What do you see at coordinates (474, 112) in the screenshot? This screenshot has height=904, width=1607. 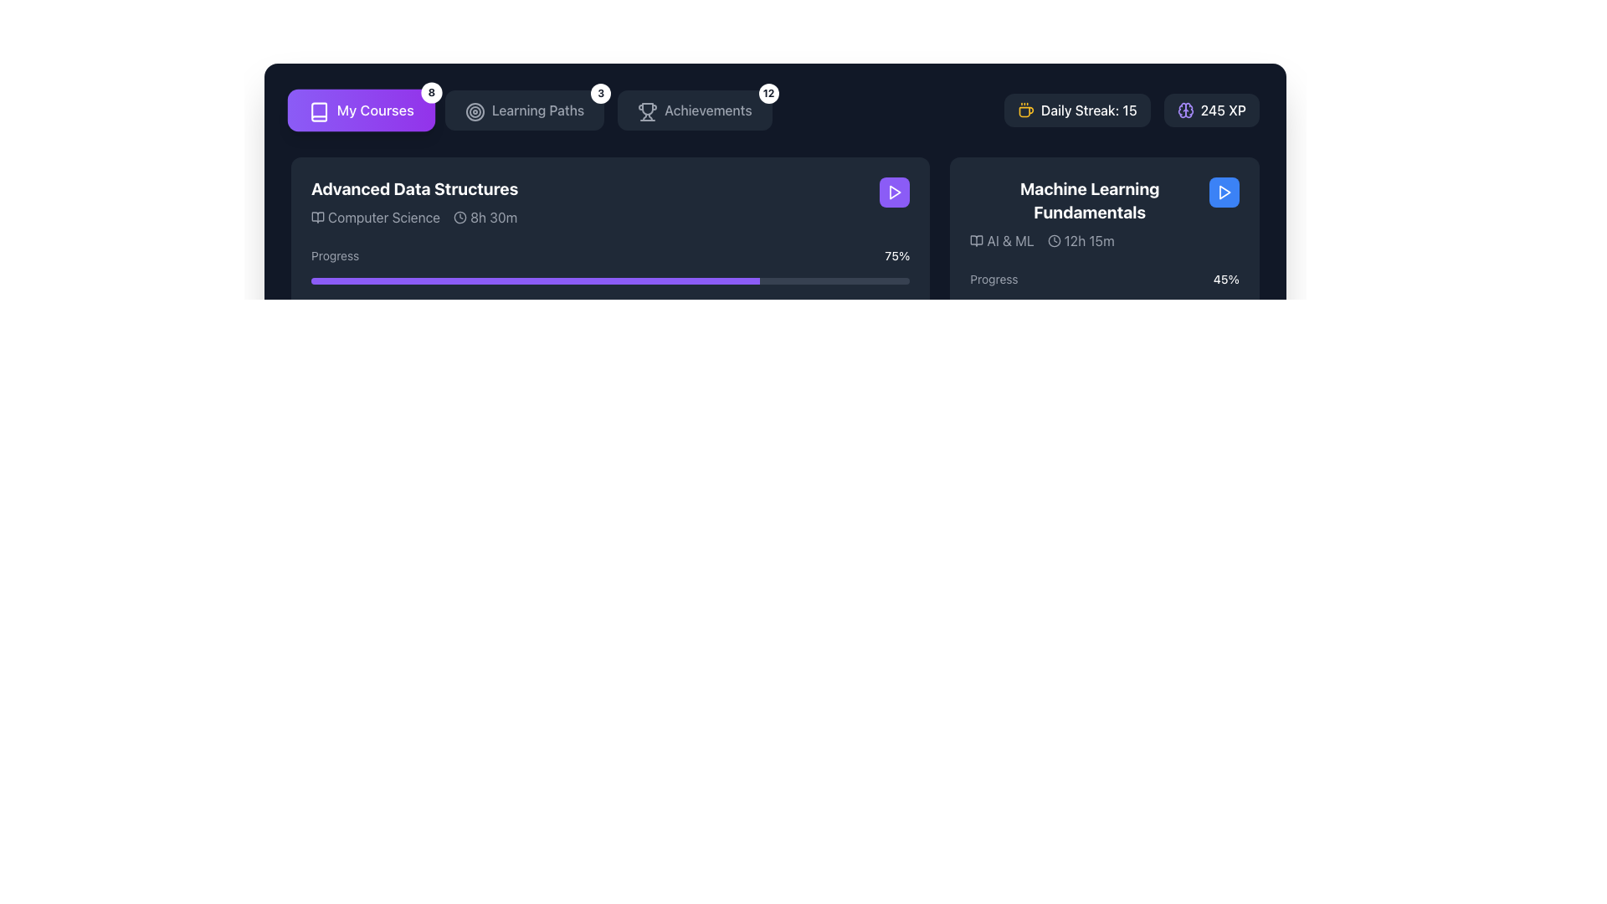 I see `the middle circular element of the bullseye-like structure located within the 'Learning Paths' component in the top menu bar` at bounding box center [474, 112].